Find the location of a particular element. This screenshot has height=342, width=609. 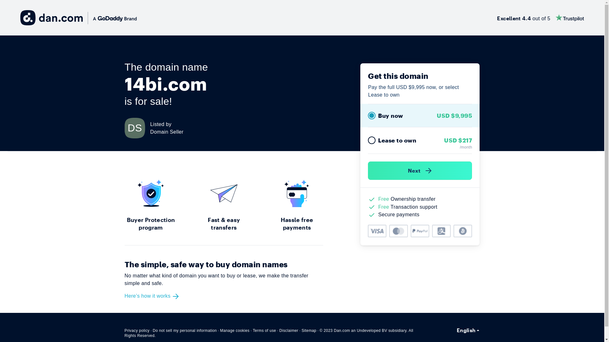

'Next is located at coordinates (420, 170).